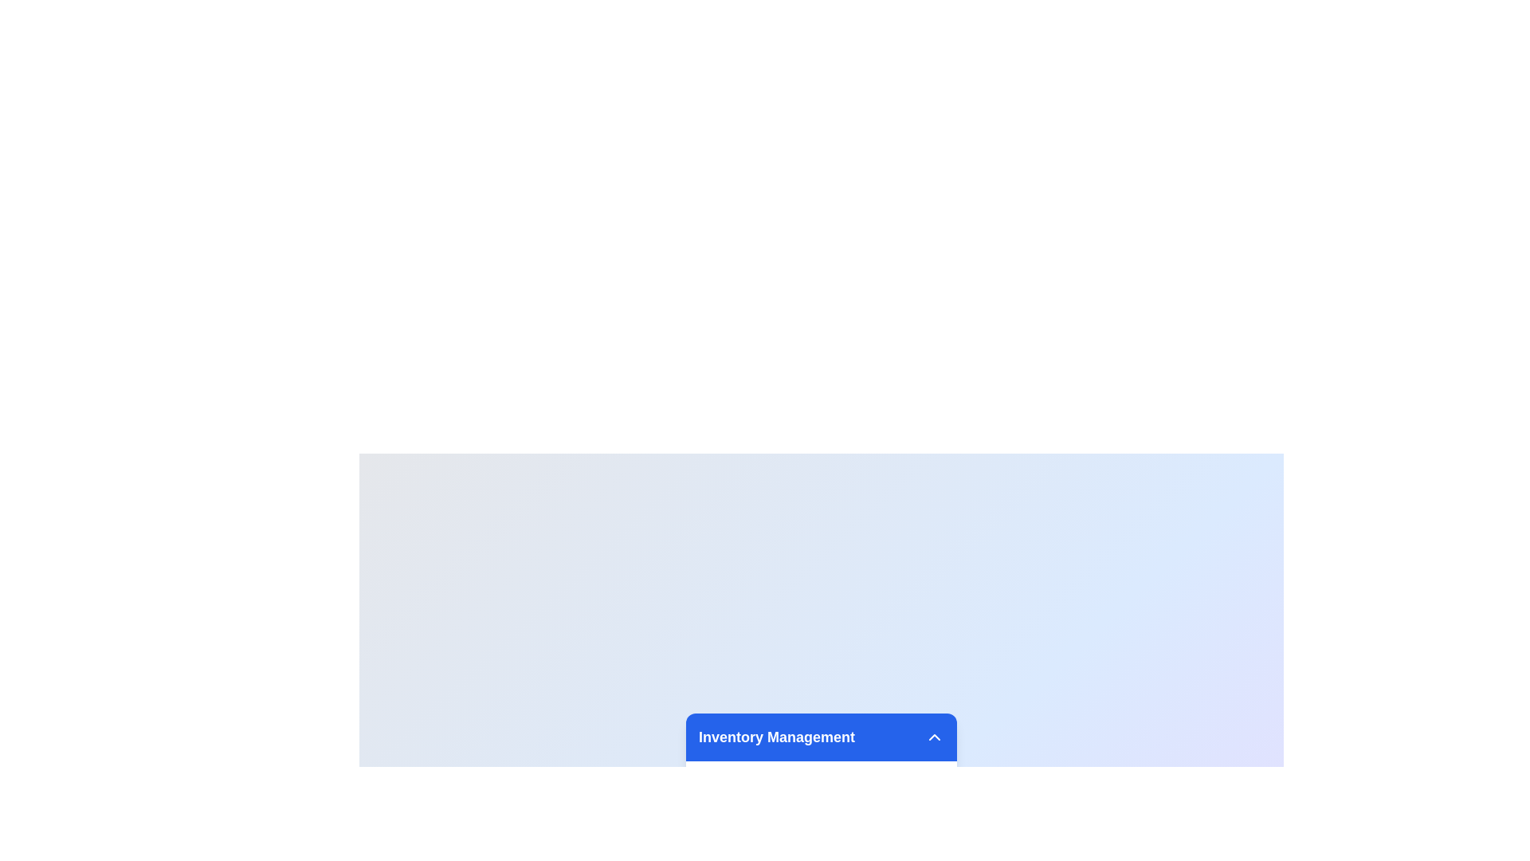 The image size is (1530, 861). Describe the element at coordinates (822, 737) in the screenshot. I see `the Section Header with the text 'Inventory Management'` at that location.